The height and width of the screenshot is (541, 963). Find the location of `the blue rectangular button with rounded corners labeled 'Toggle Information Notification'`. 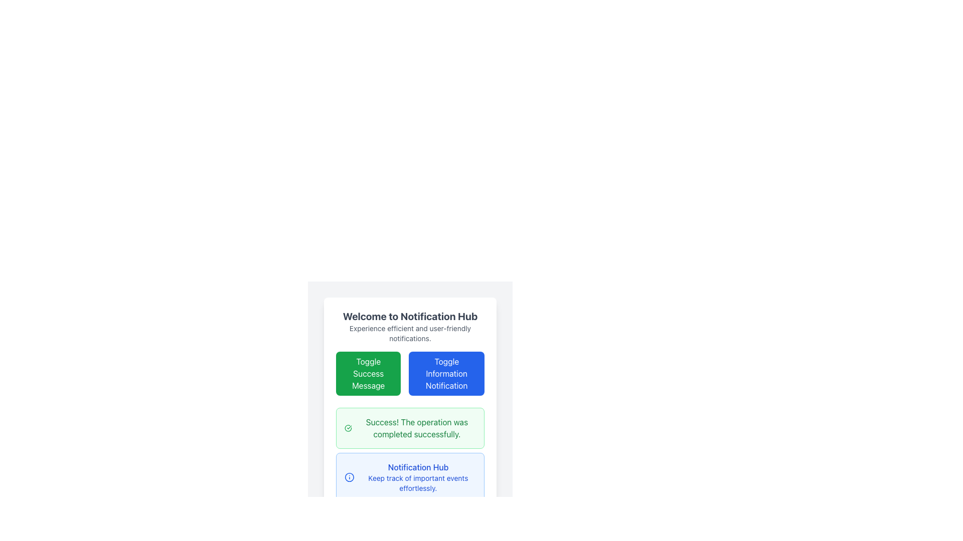

the blue rectangular button with rounded corners labeled 'Toggle Information Notification' is located at coordinates (410, 383).